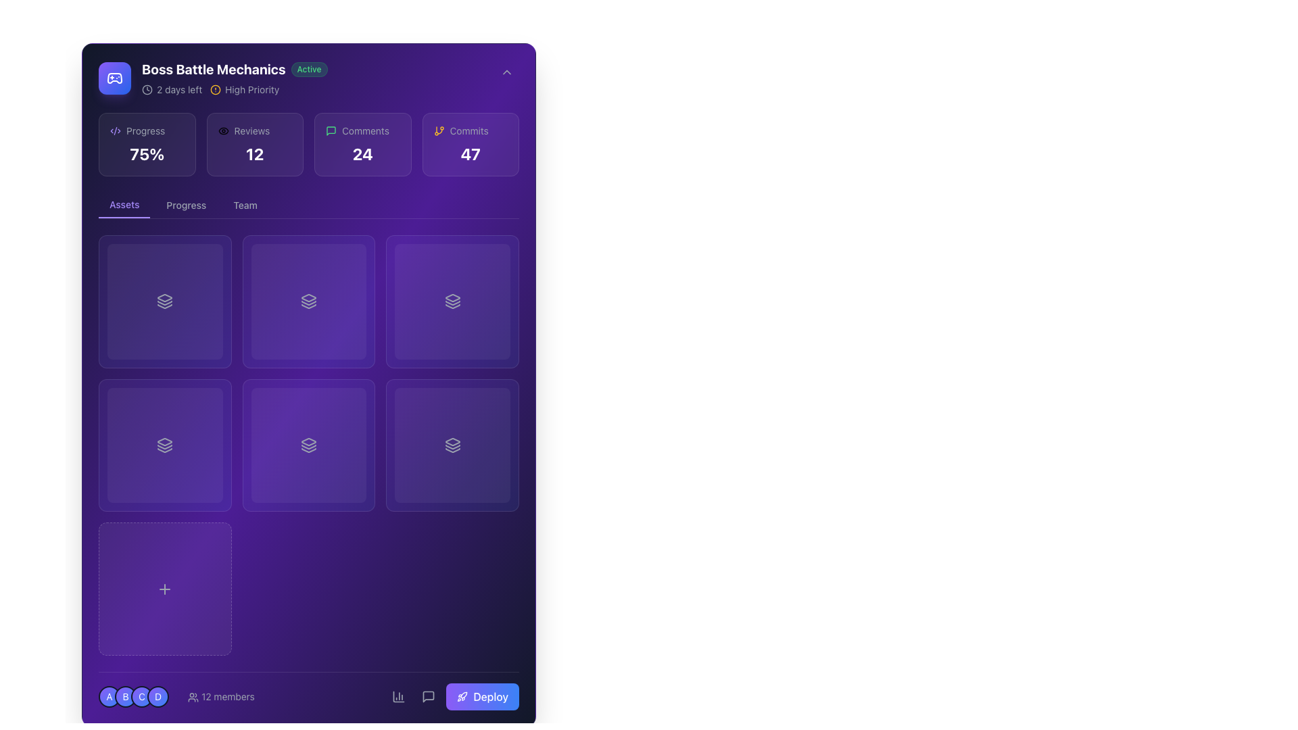 This screenshot has height=730, width=1298. I want to click on the small clock icon with a circular border and clock-hand design, located to the left of the '2 days left' text in the 'Boss Battle Mechanics' section, so click(147, 89).